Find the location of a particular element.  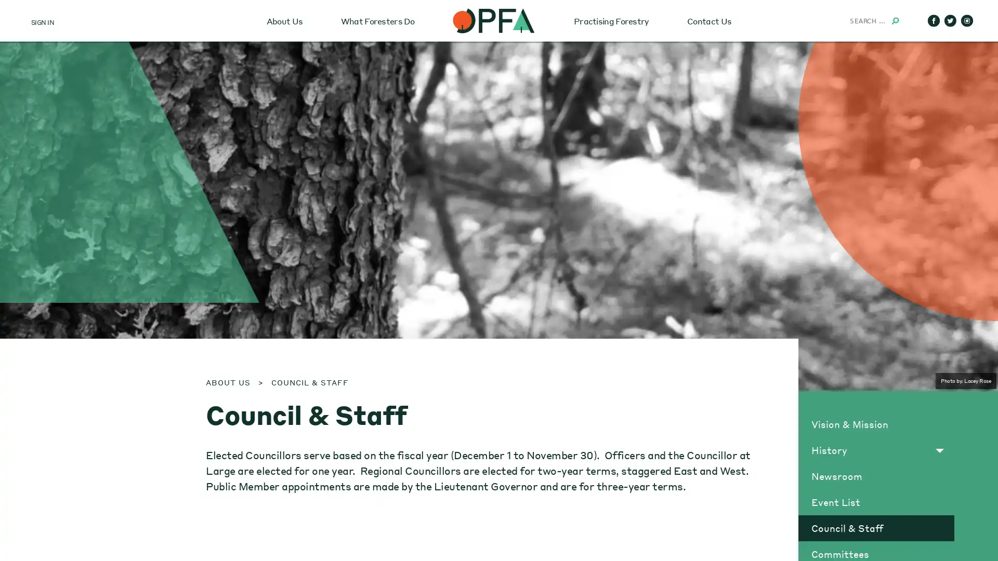

Sign In is located at coordinates (59, 133).